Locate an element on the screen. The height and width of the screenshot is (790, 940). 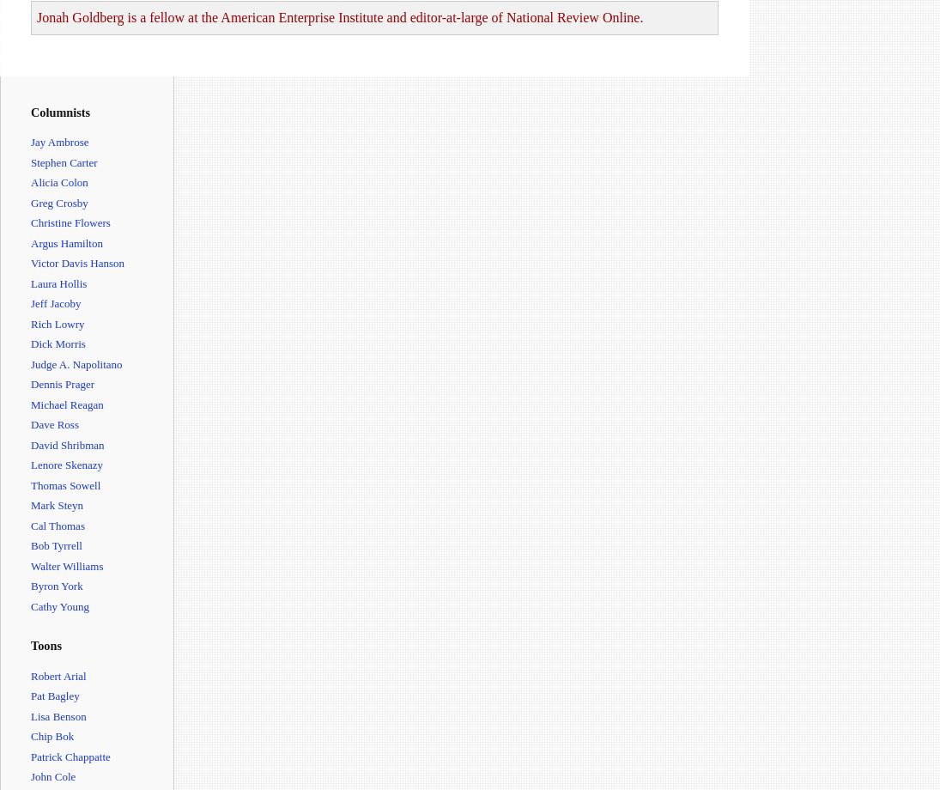
'Columnists' is located at coordinates (59, 112).